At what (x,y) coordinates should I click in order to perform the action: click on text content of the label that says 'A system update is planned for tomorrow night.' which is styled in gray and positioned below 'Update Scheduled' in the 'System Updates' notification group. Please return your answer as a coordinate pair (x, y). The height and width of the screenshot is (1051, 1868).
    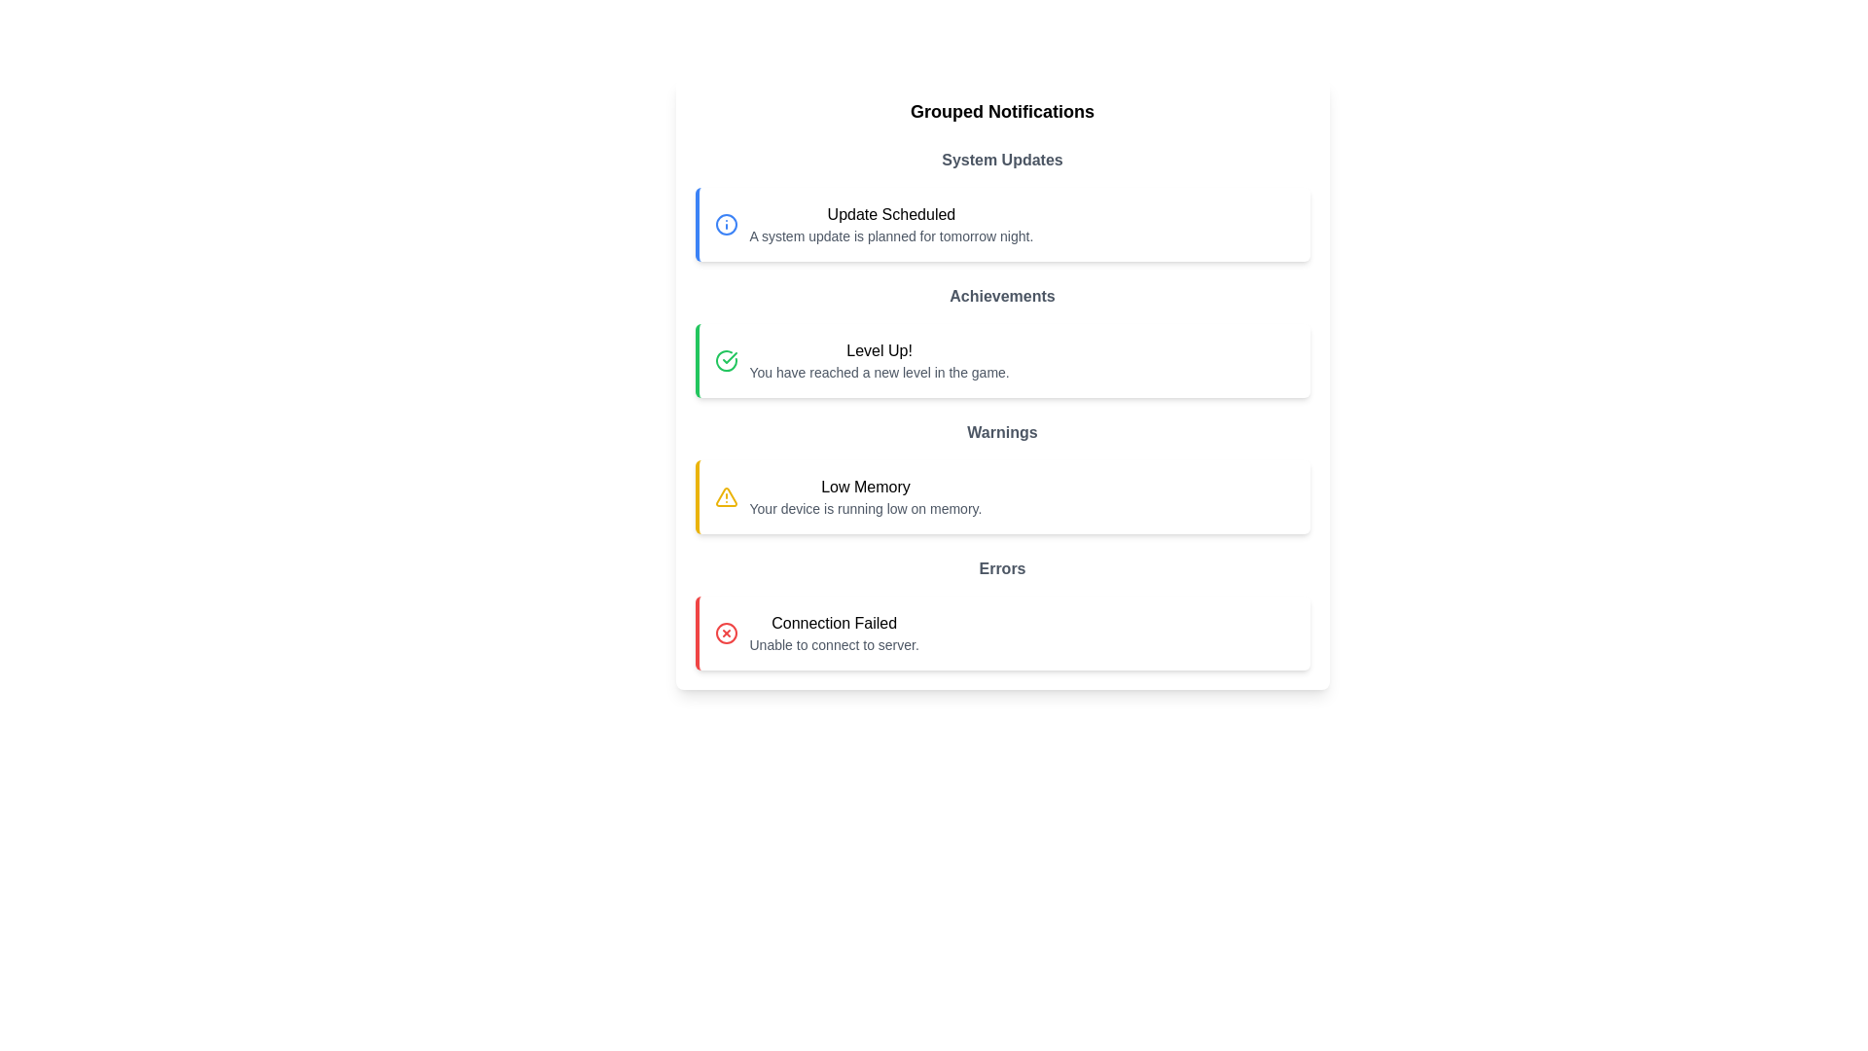
    Looking at the image, I should click on (890, 236).